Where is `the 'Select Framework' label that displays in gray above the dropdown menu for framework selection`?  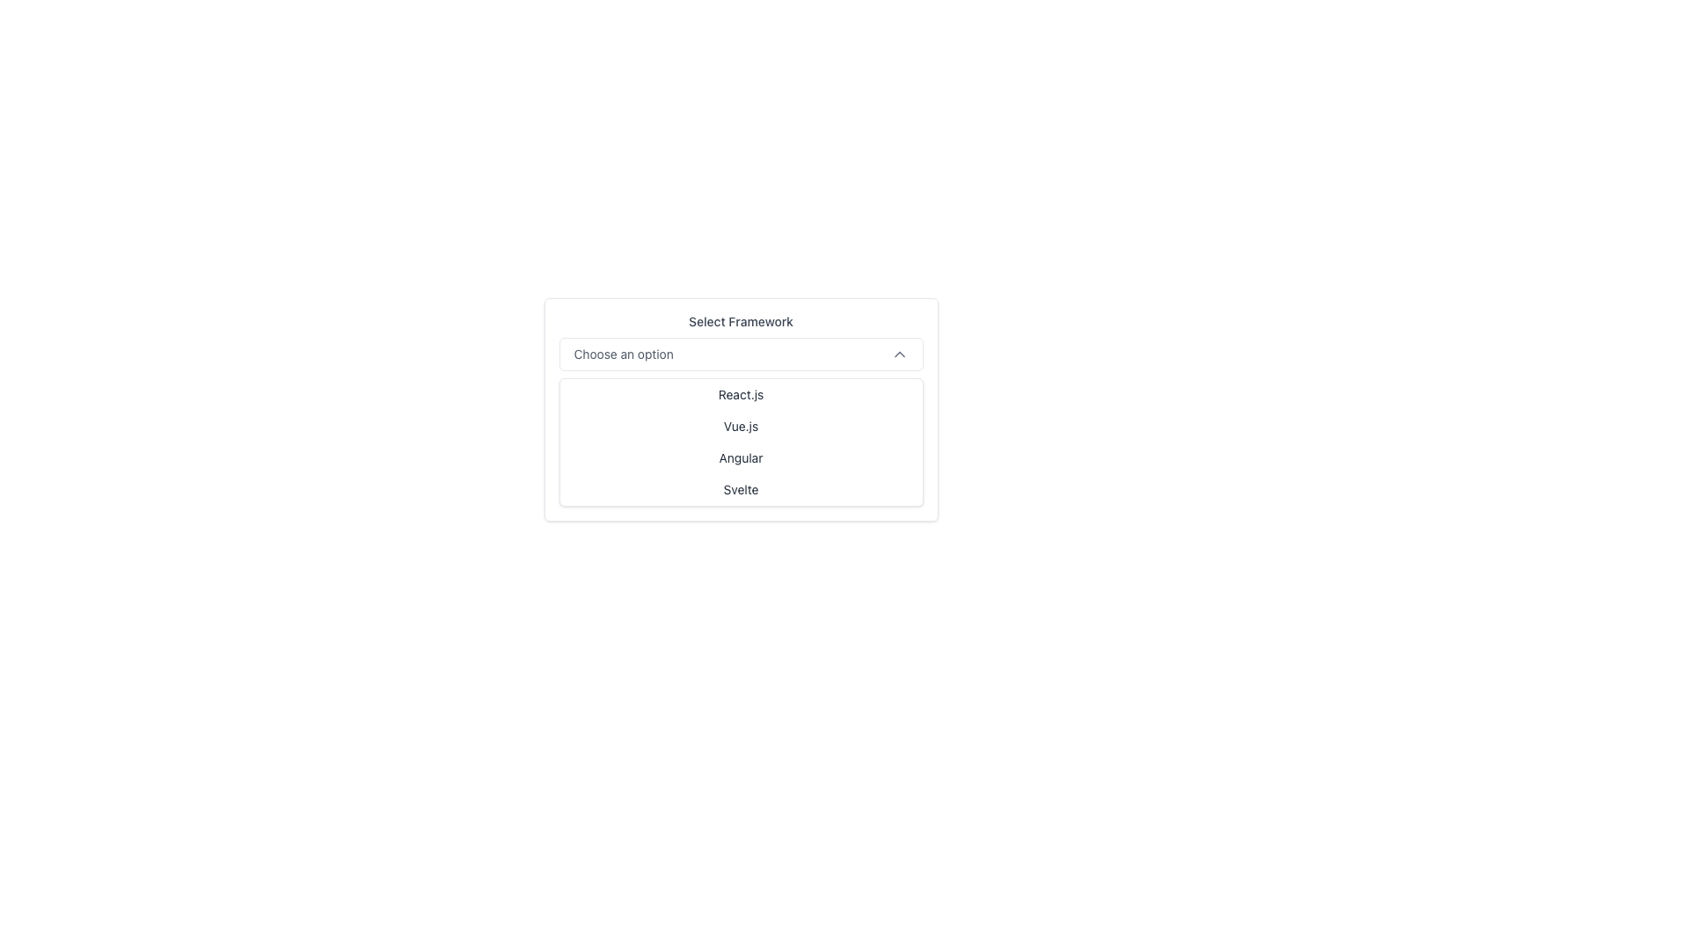 the 'Select Framework' label that displays in gray above the dropdown menu for framework selection is located at coordinates (741, 322).